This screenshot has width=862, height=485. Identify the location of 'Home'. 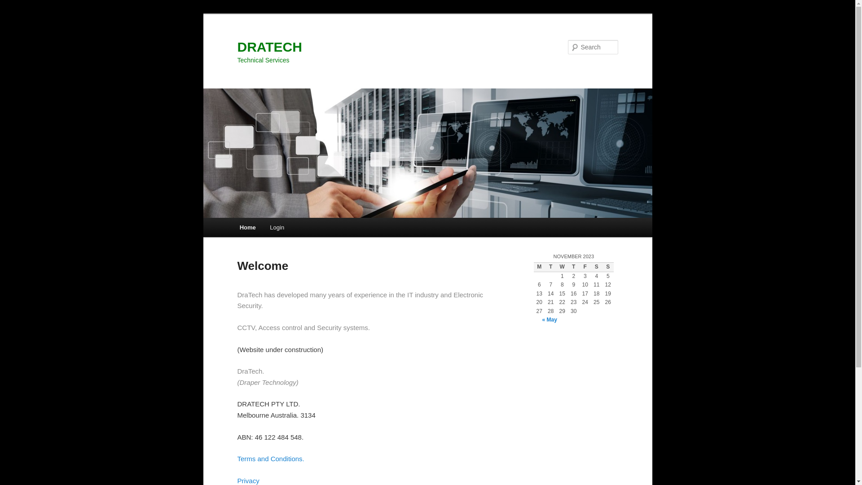
(248, 227).